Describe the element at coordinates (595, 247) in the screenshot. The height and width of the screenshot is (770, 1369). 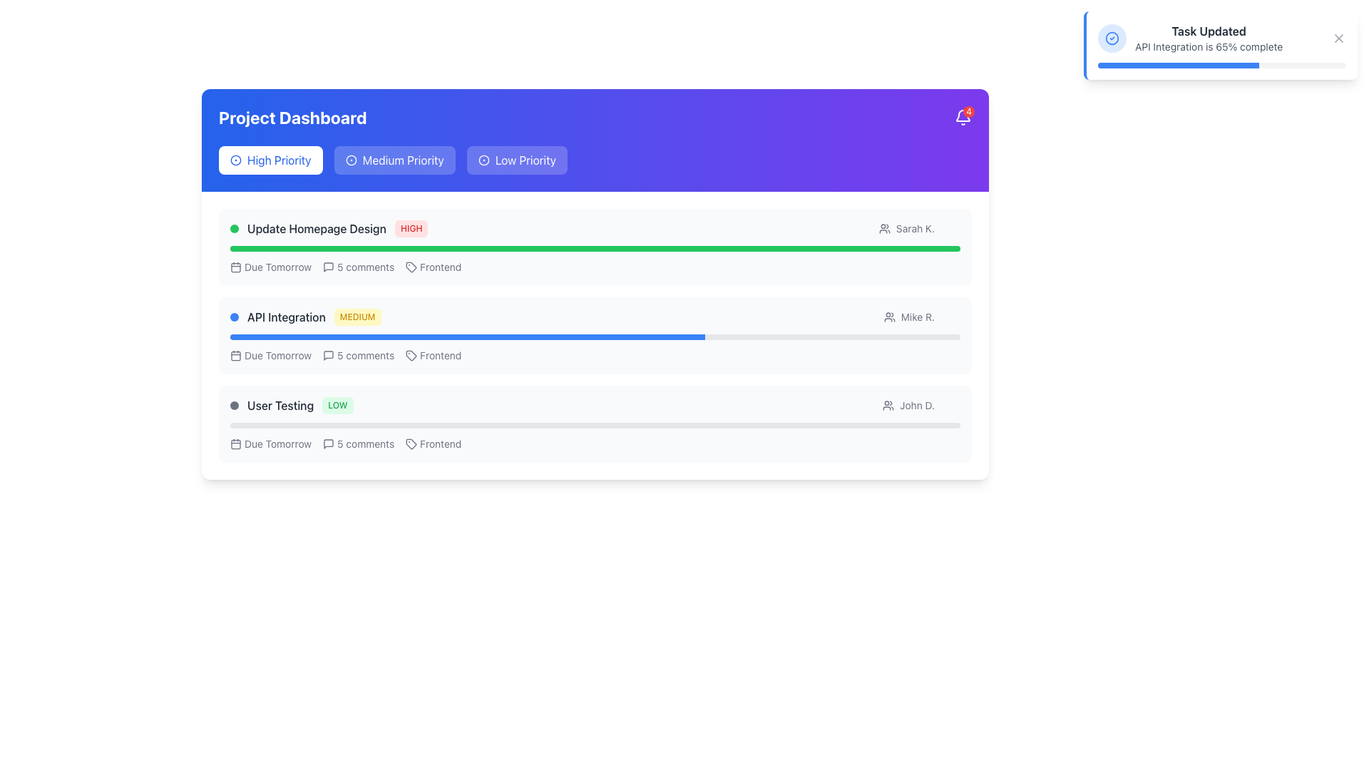
I see `the progress bar indicating task completion status in the 'Update Homepage Design' card` at that location.